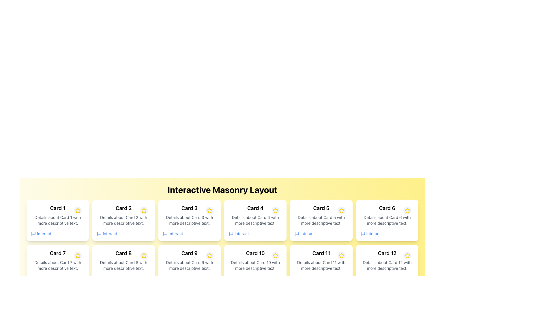 Image resolution: width=554 pixels, height=312 pixels. I want to click on the favorite button located in the top-right corner of 'Card 7' to mark the card as favorite, so click(78, 255).